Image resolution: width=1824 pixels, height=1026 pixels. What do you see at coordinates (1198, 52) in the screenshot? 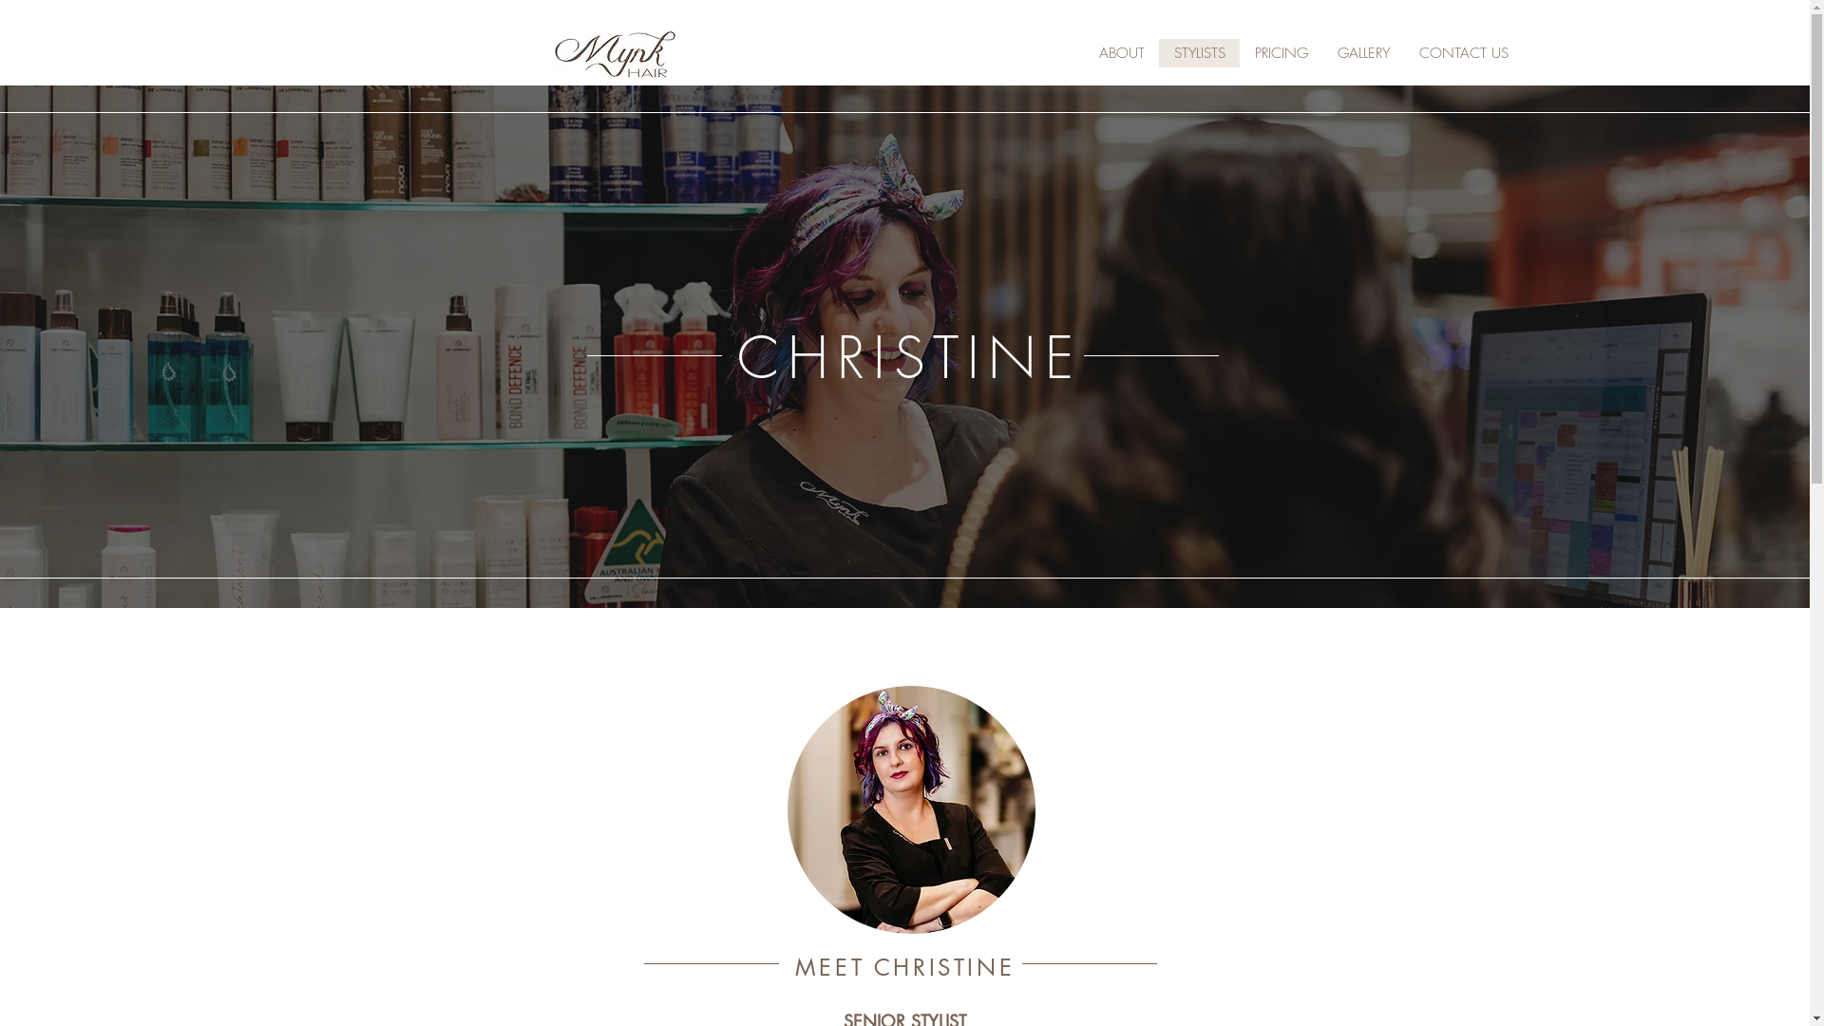
I see `'STYLISTS'` at bounding box center [1198, 52].